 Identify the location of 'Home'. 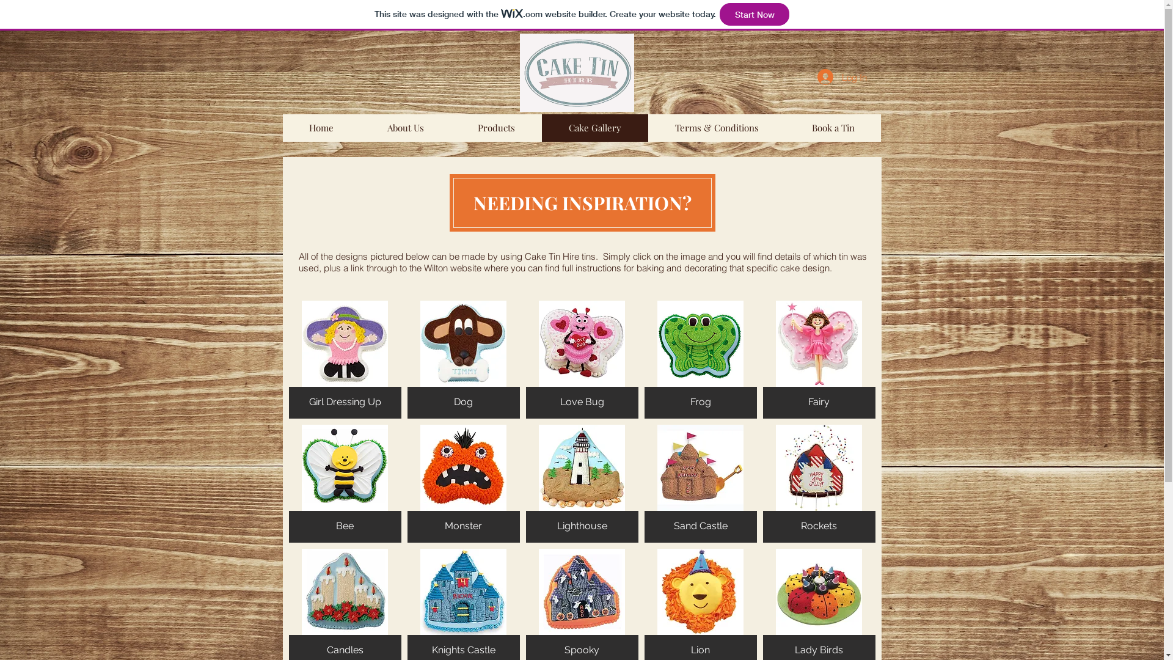
(321, 128).